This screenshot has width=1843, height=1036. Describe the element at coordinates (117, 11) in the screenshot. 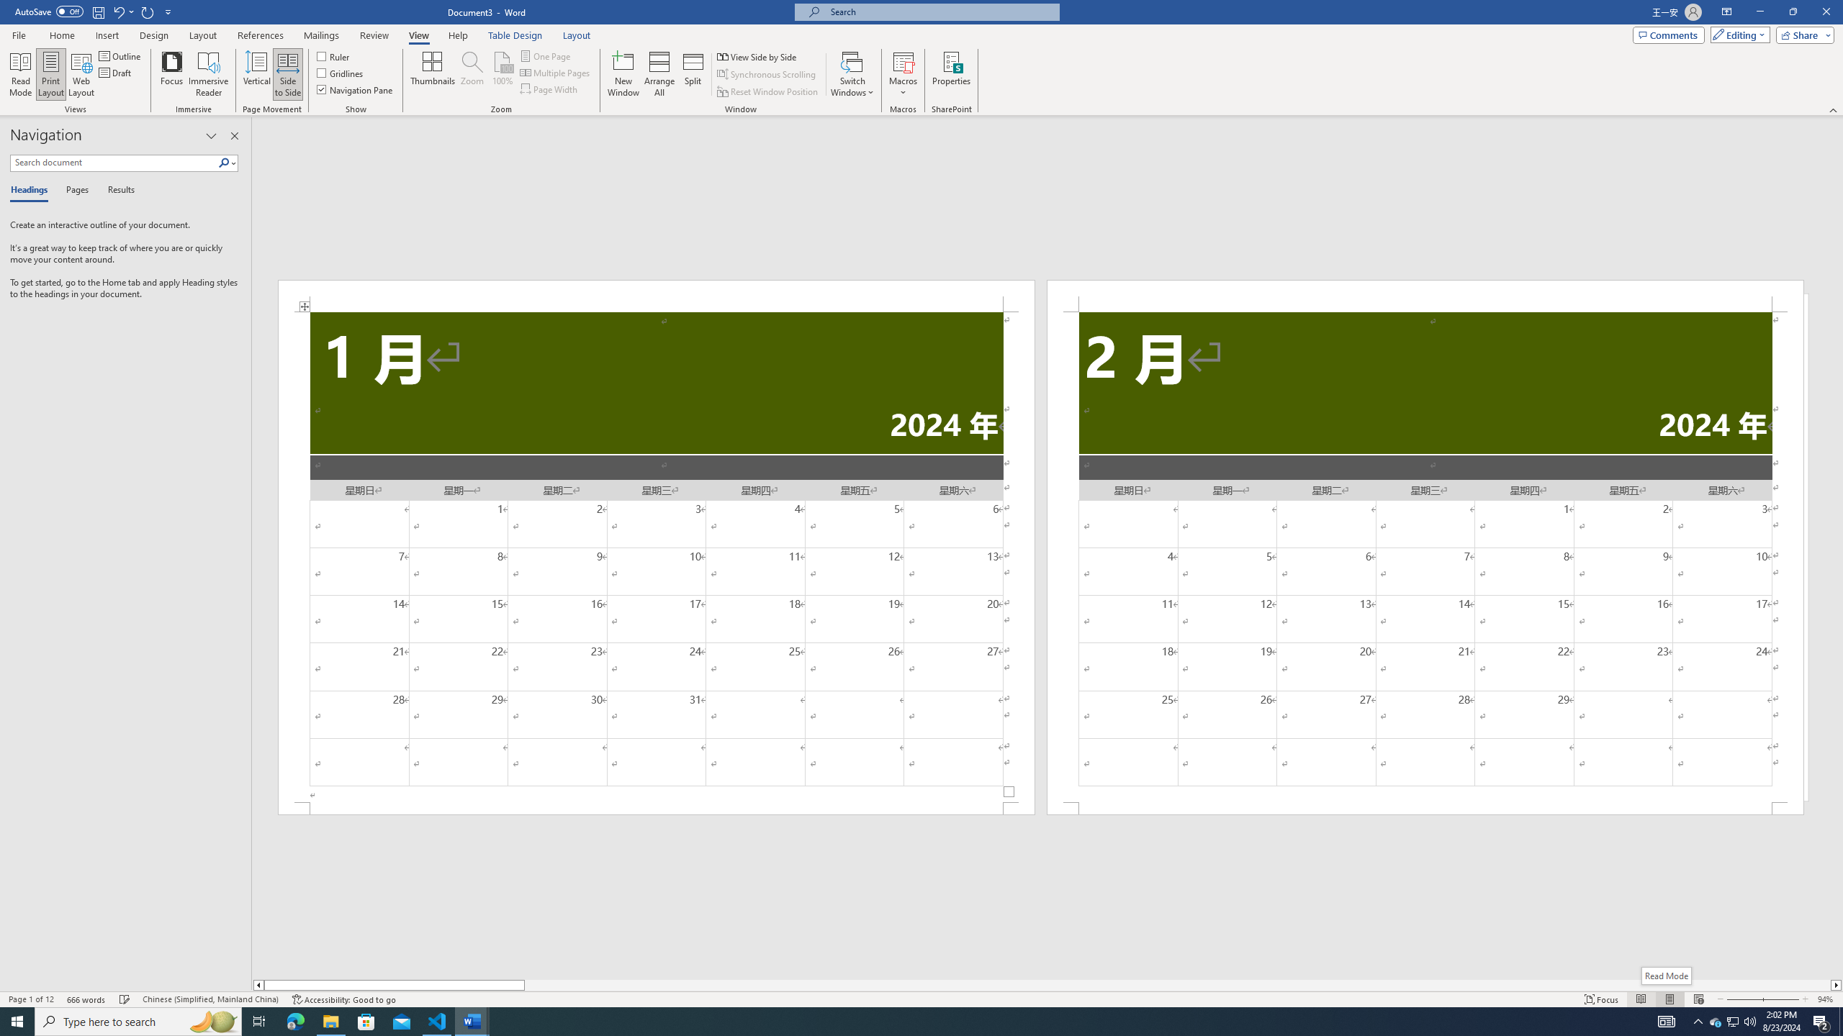

I see `'Undo Increase Indent'` at that location.